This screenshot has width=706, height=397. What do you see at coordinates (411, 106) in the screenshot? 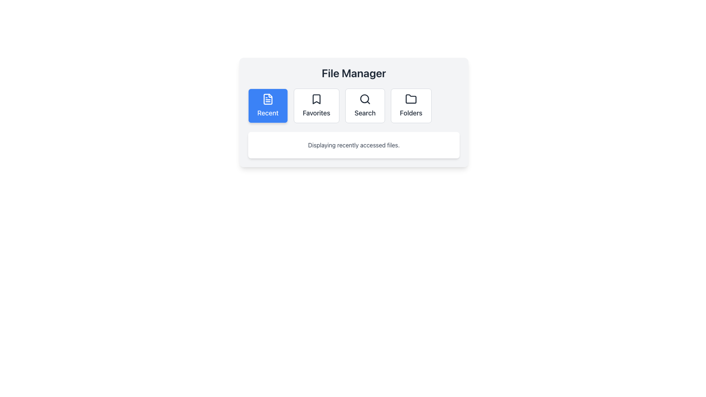
I see `the 'Folders' button, which is the fourth button from the left, featuring a folder icon and a label underneath` at bounding box center [411, 106].